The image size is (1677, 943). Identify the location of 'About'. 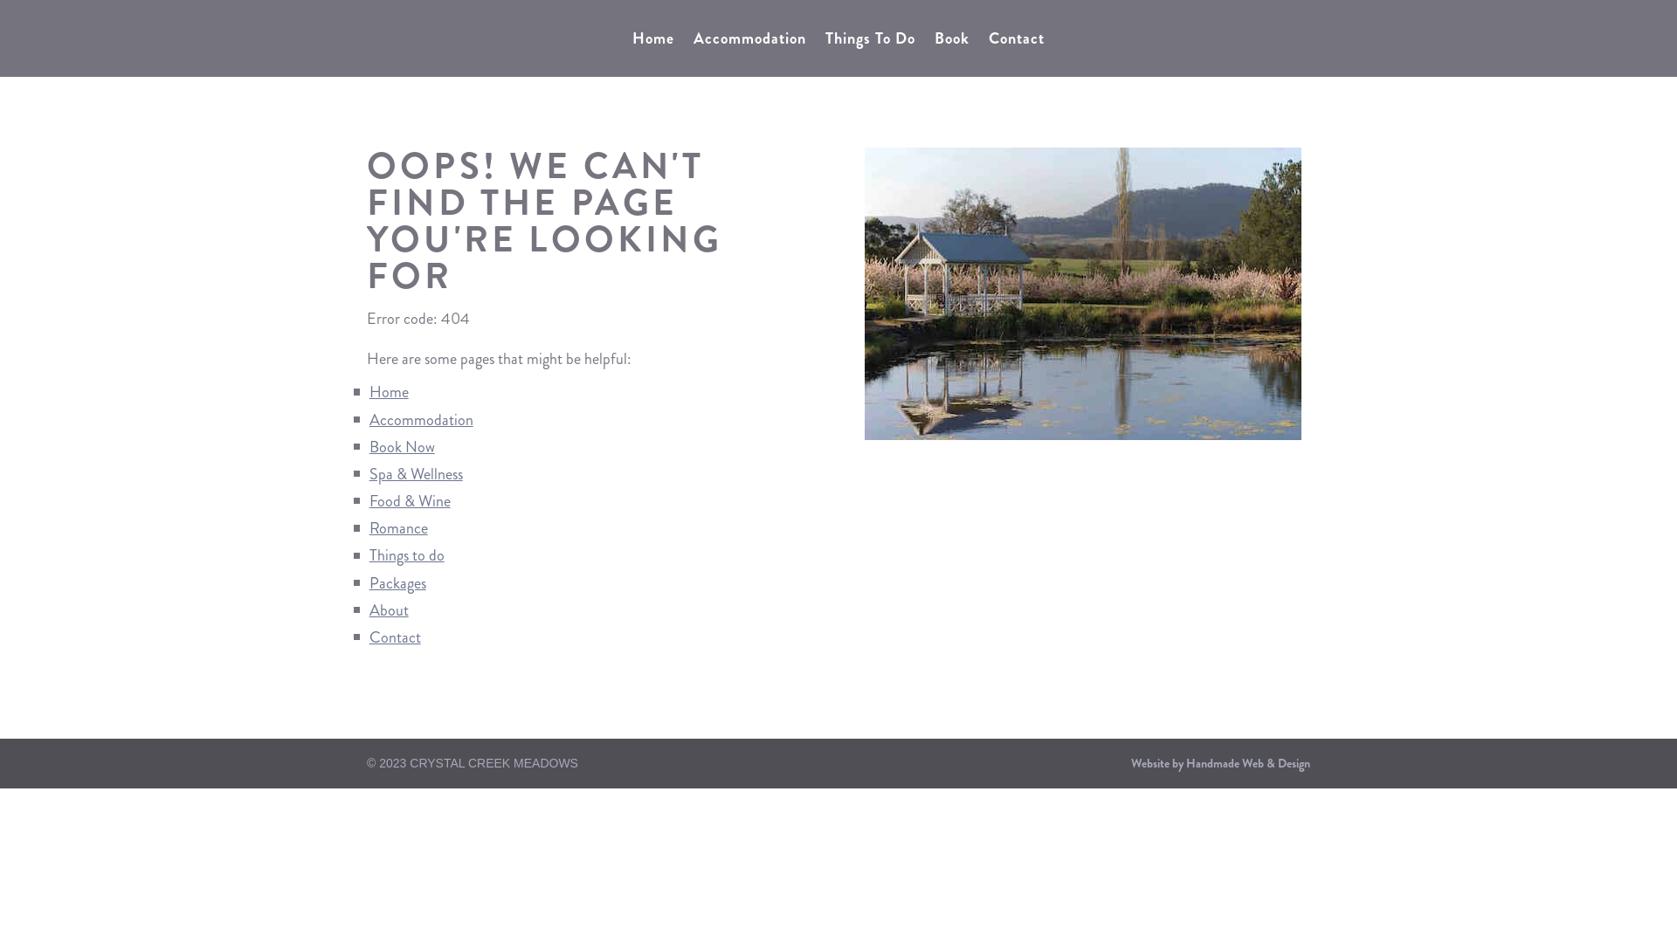
(368, 609).